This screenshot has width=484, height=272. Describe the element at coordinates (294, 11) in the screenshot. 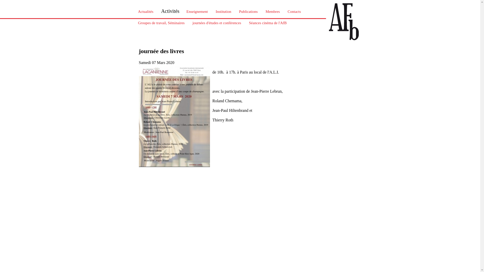

I see `'Contacts'` at that location.